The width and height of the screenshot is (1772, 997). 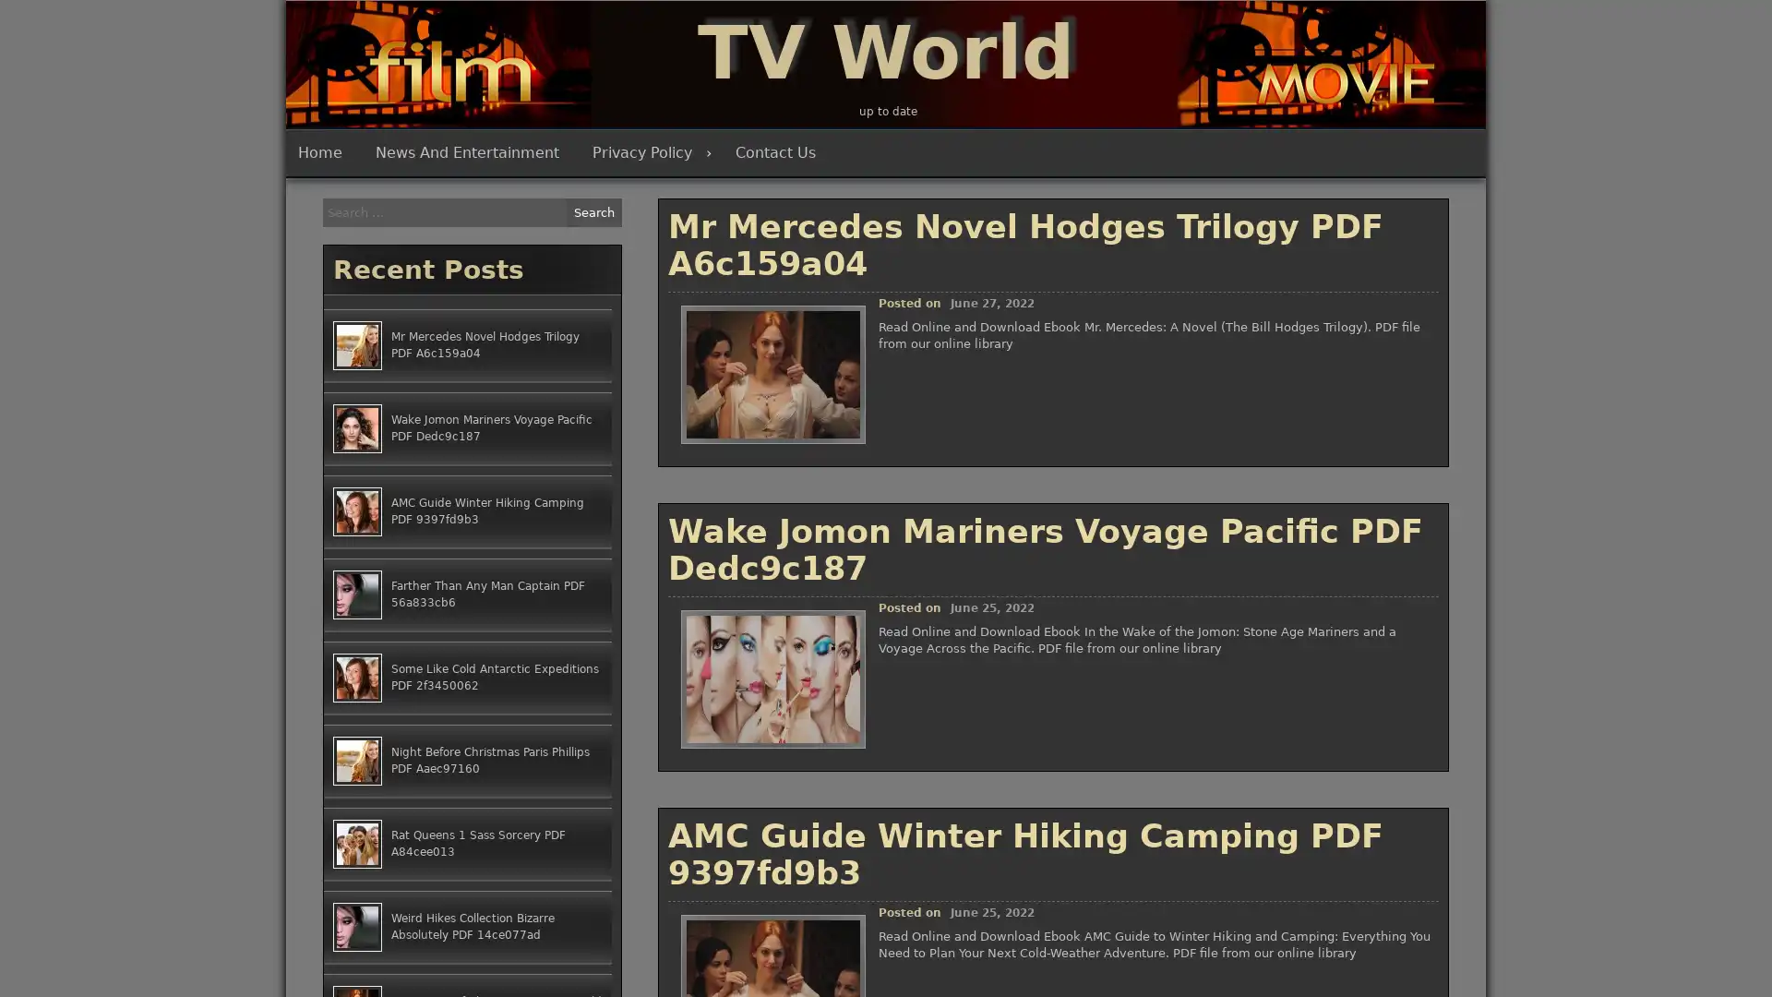 I want to click on Search, so click(x=593, y=211).